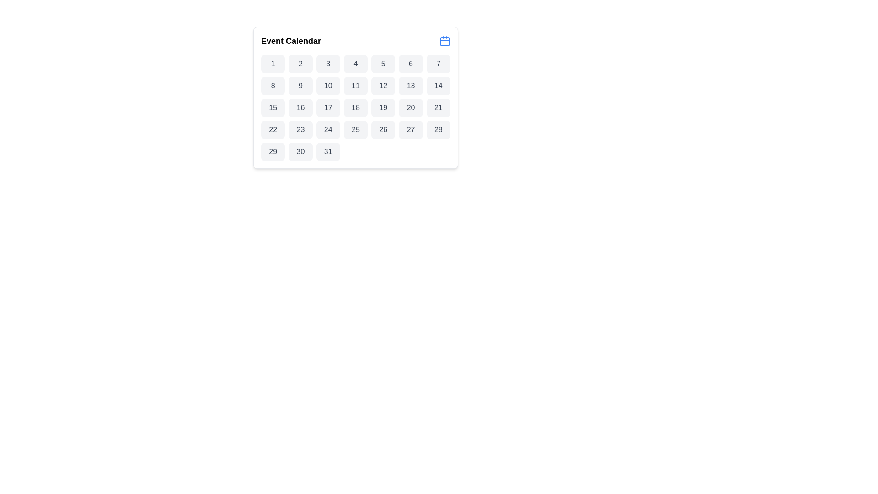  What do you see at coordinates (273, 130) in the screenshot?
I see `the rectangular button labeled '22' located in the first cell of the fourth row in a grid of days` at bounding box center [273, 130].